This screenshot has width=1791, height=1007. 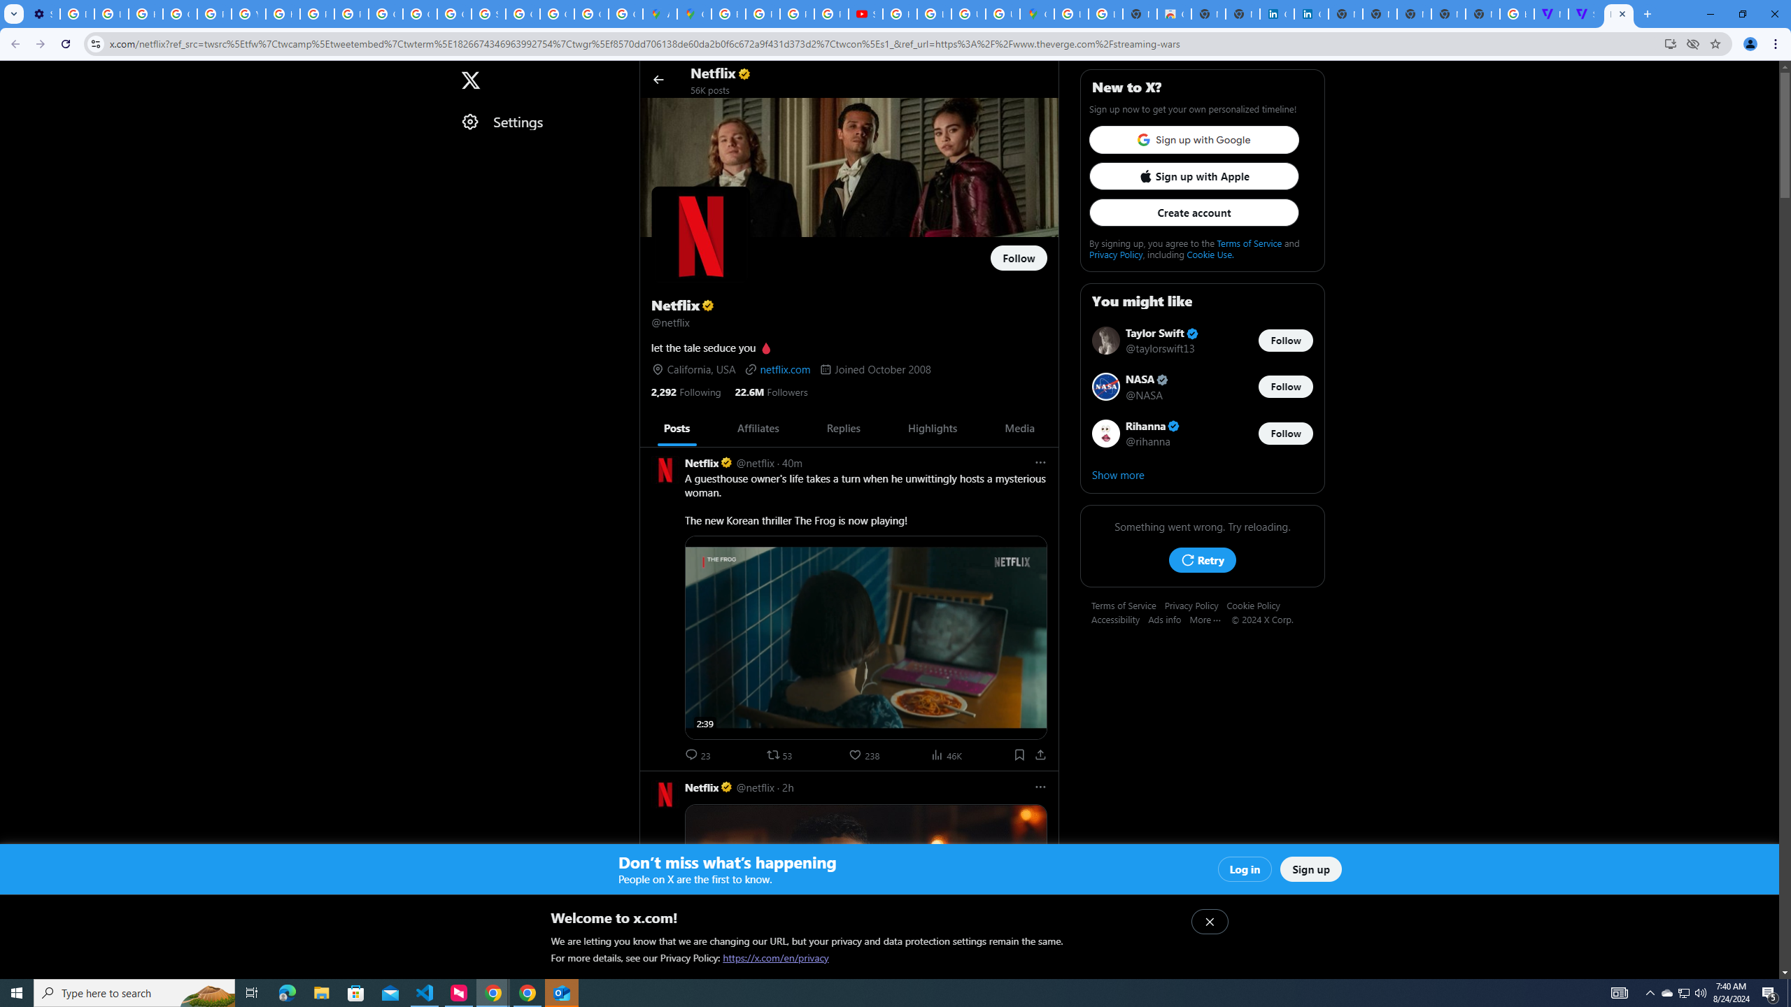 What do you see at coordinates (1193, 175) in the screenshot?
I see `'Sign up with Apple'` at bounding box center [1193, 175].